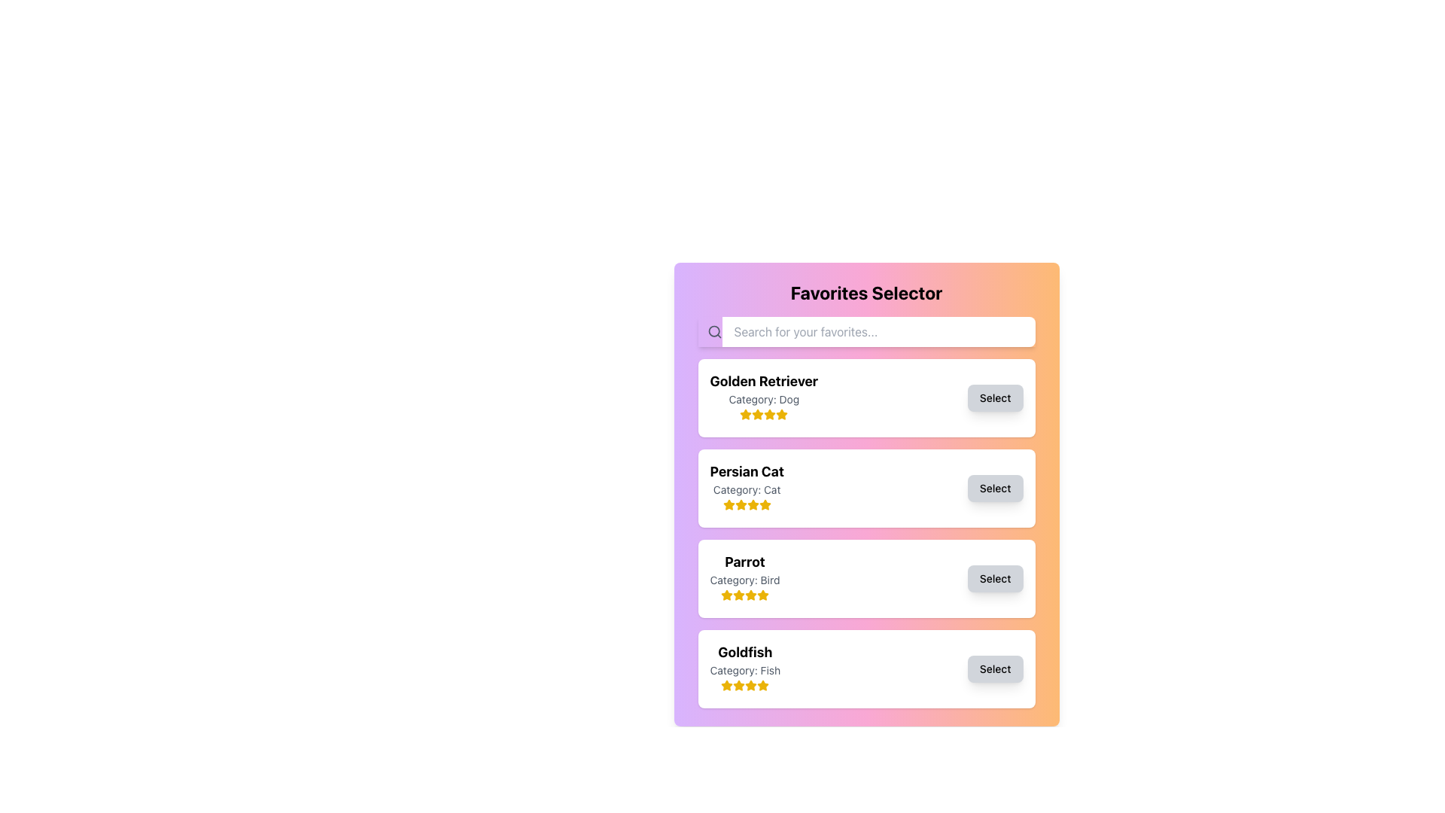 The image size is (1445, 813). Describe the element at coordinates (764, 415) in the screenshot. I see `the fourth star icon in the visual rating indicator for the 'Golden Retriever' entry, which is located below the text 'Category: Dog'` at that location.